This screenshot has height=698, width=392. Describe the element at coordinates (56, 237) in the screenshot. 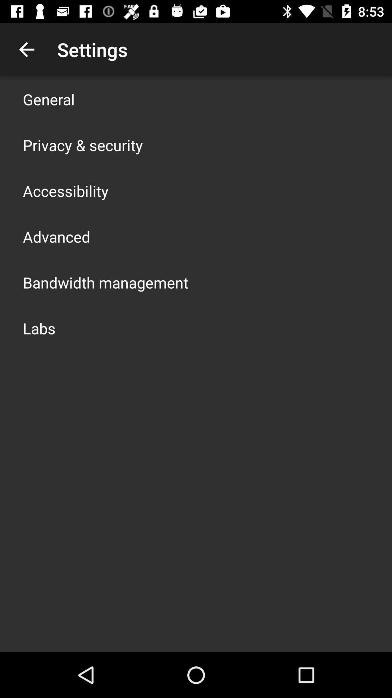

I see `the icon above bandwidth management app` at that location.